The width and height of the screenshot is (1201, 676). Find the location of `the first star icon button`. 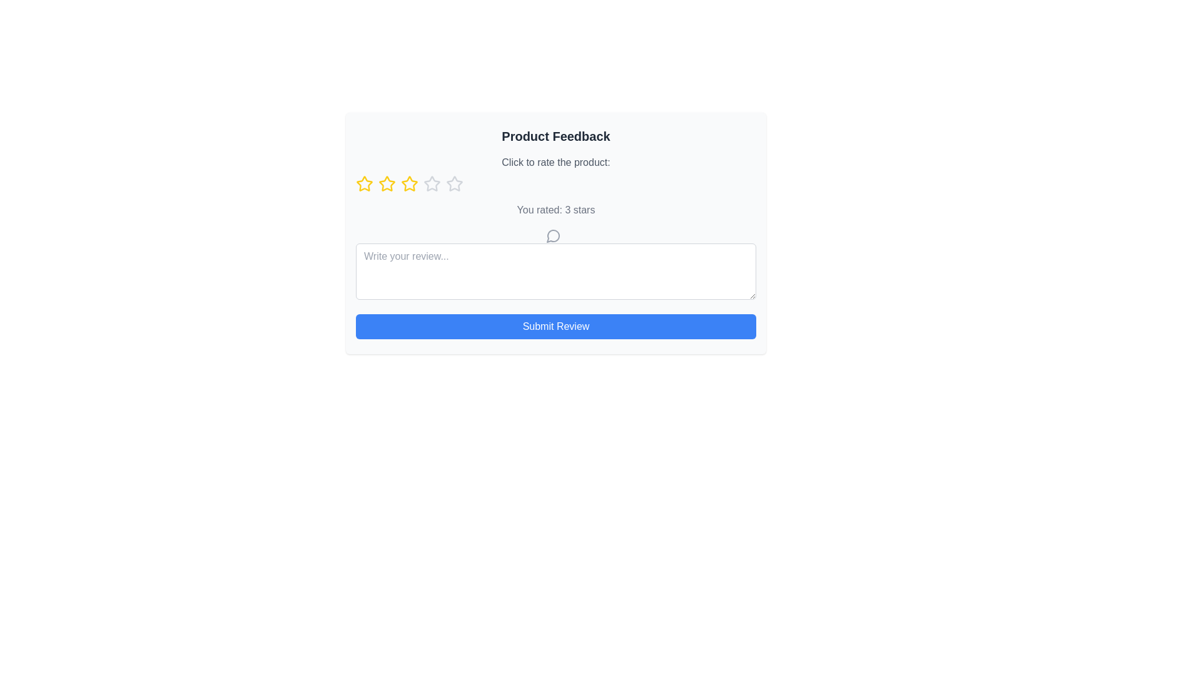

the first star icon button is located at coordinates (363, 183).